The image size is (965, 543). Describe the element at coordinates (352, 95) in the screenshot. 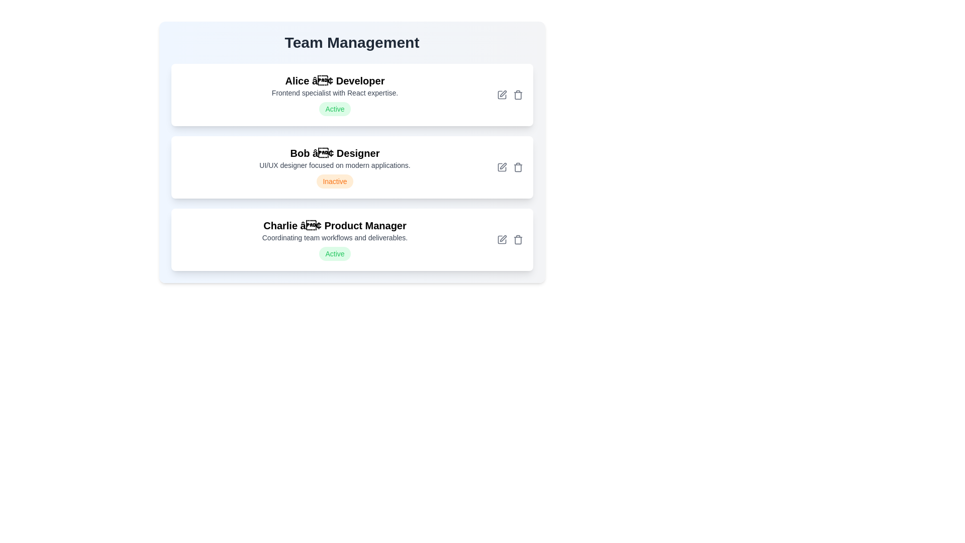

I see `the team member card to view their details. The parameter Alice specifies the team member to interact with` at that location.